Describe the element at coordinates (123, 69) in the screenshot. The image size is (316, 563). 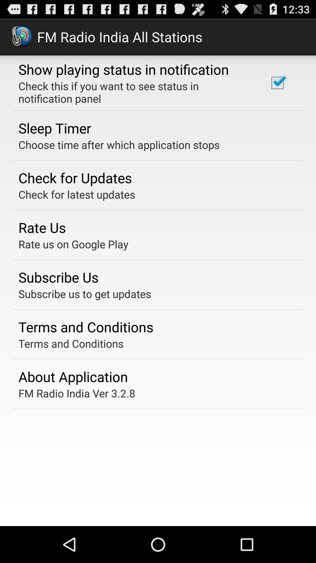
I see `the show playing status item` at that location.